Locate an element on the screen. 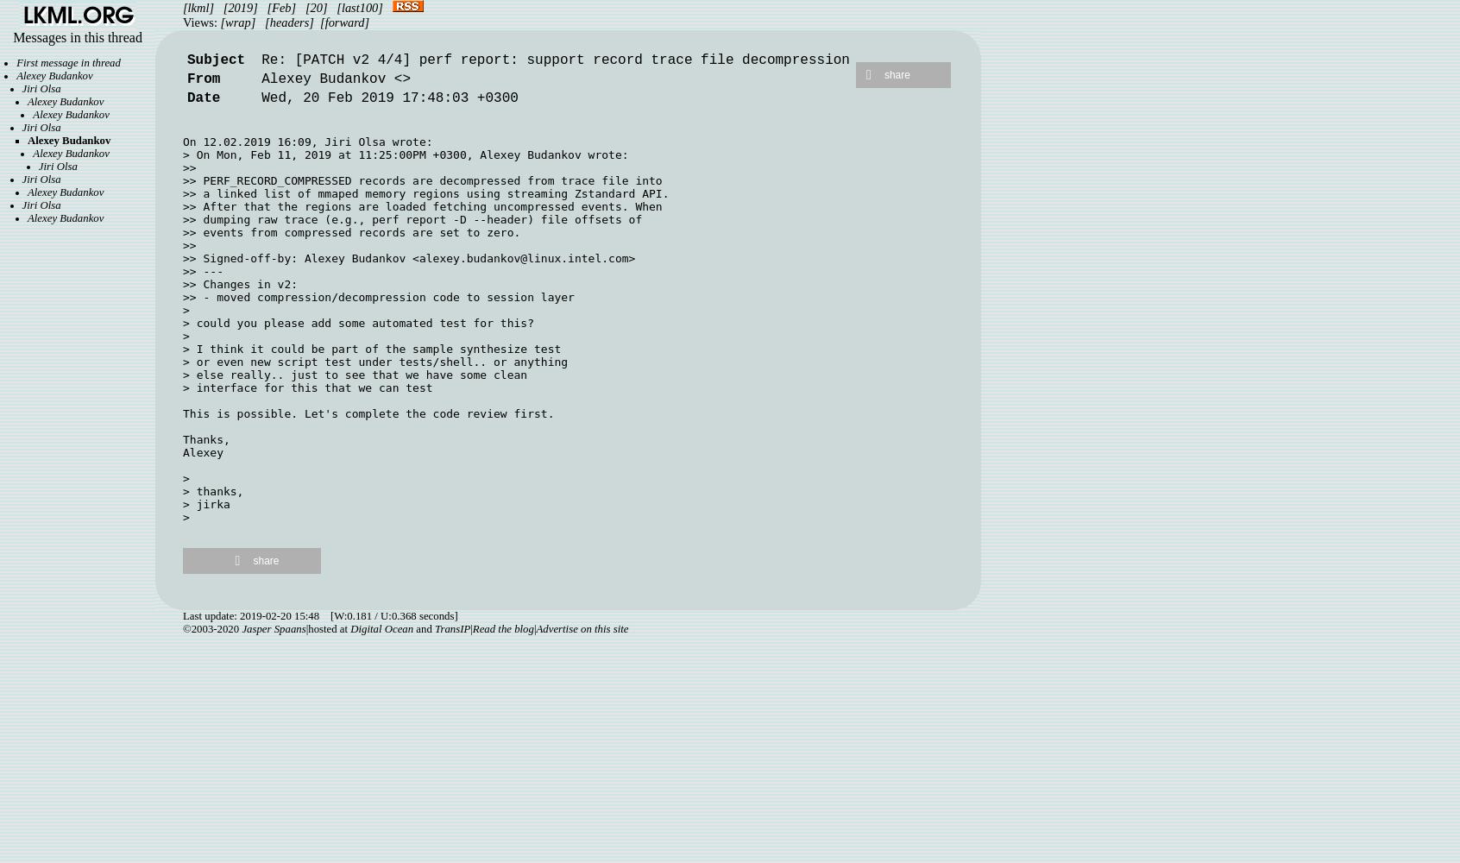 The height and width of the screenshot is (863, 1460). '> could you please add some automated test for this?' is located at coordinates (358, 322).